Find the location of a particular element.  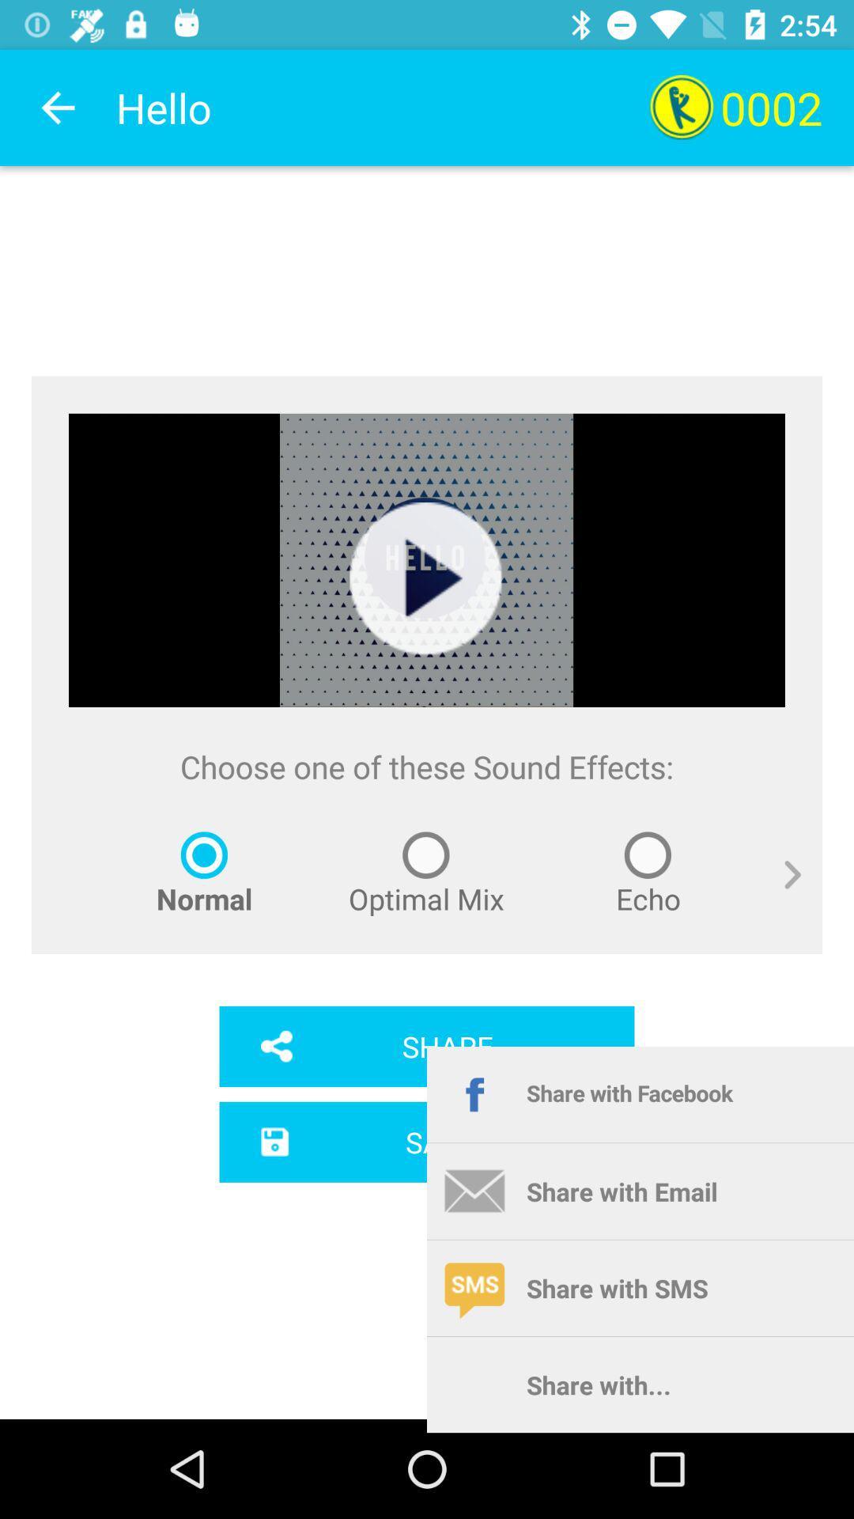

icon next to the stage icon is located at coordinates (780, 892).